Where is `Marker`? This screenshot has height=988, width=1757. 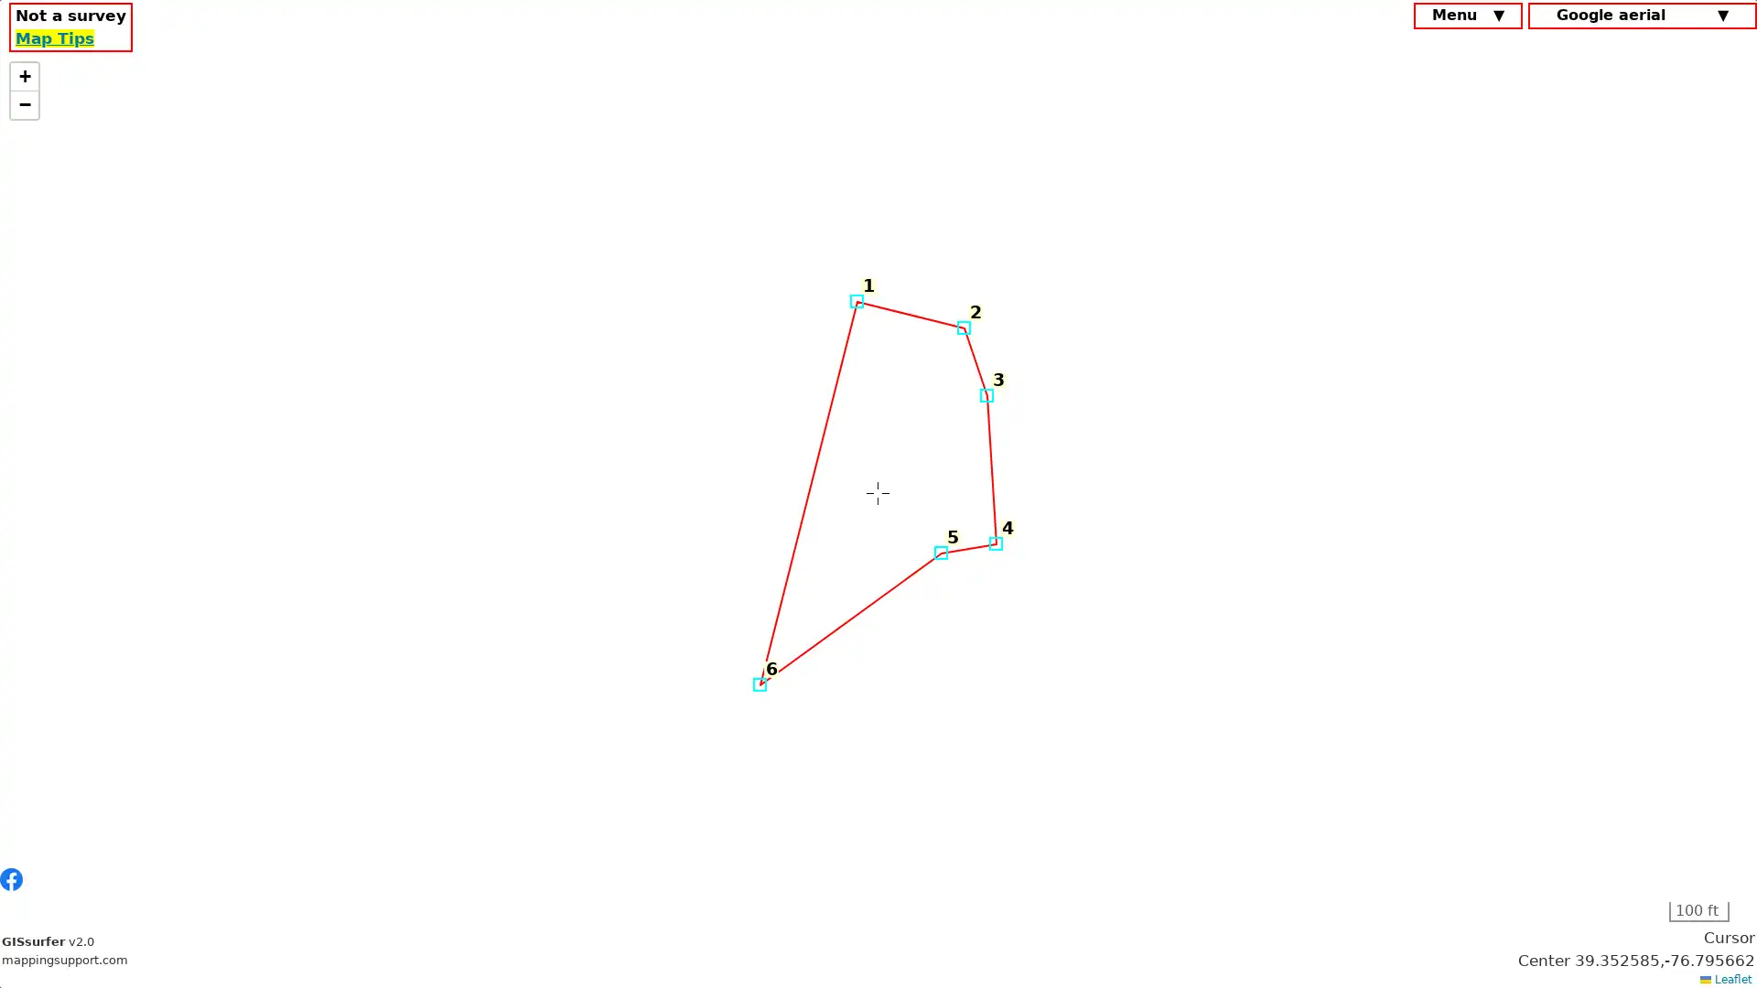
Marker is located at coordinates (941, 552).